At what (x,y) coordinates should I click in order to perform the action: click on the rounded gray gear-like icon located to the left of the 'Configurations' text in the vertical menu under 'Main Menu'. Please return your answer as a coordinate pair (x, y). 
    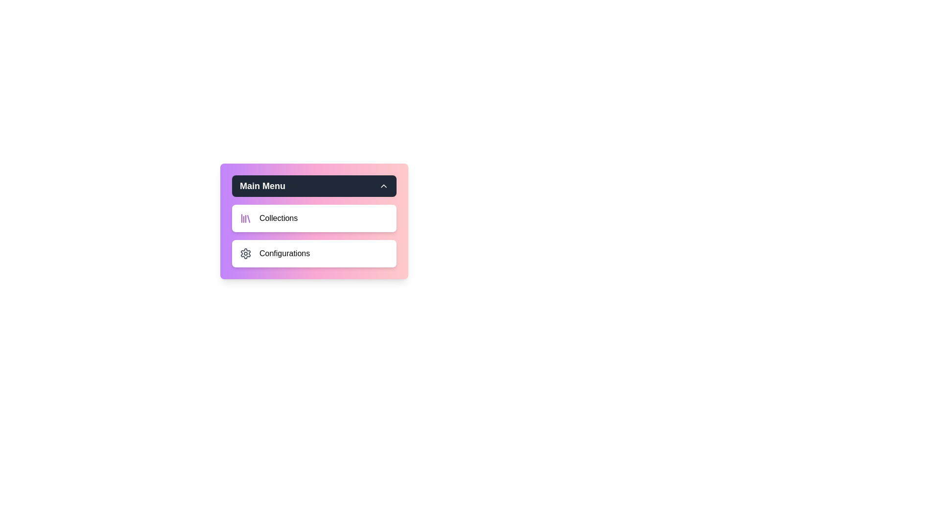
    Looking at the image, I should click on (246, 253).